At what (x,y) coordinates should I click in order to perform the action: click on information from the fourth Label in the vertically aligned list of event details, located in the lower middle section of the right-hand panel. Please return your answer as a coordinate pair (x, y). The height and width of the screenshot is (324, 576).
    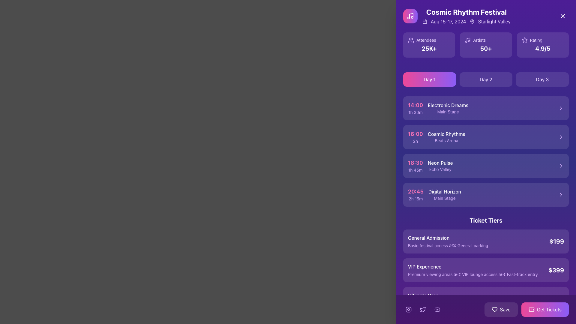
    Looking at the image, I should click on (434, 194).